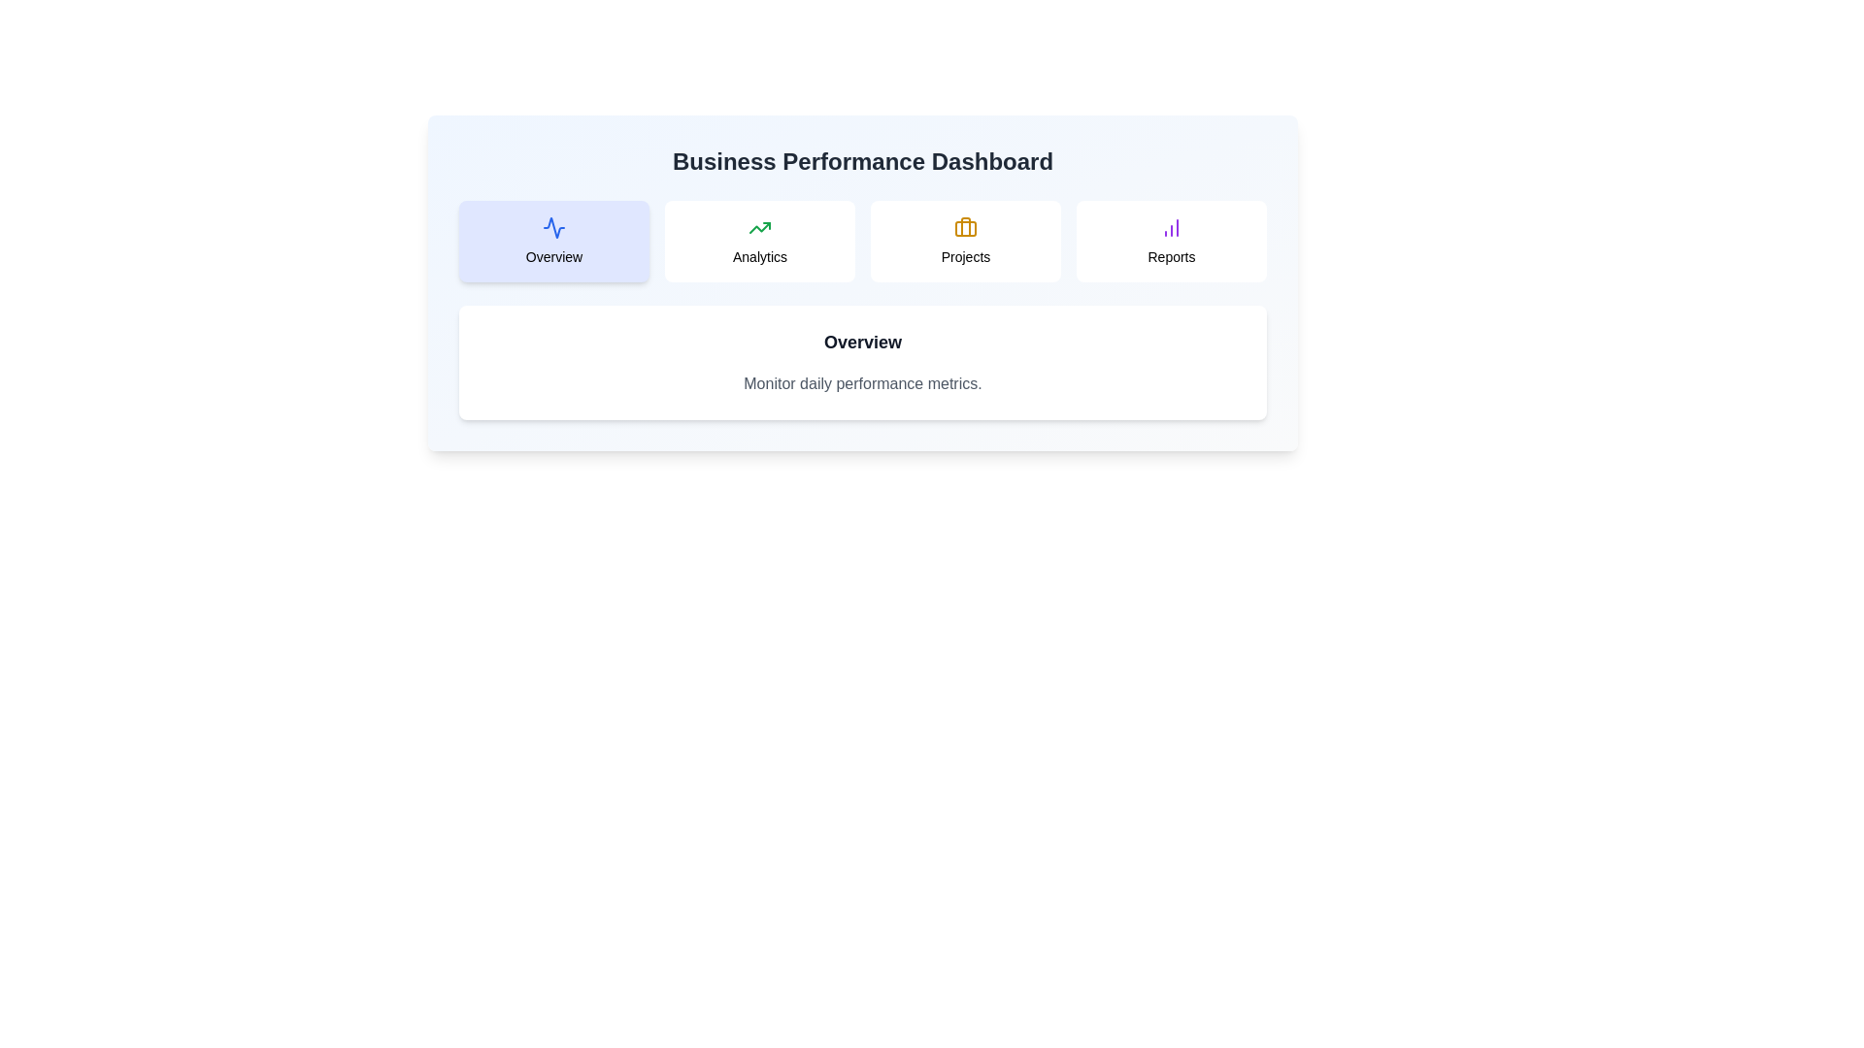 The image size is (1864, 1048). I want to click on the tab corresponding to Overview to display hover feedback, so click(553, 241).